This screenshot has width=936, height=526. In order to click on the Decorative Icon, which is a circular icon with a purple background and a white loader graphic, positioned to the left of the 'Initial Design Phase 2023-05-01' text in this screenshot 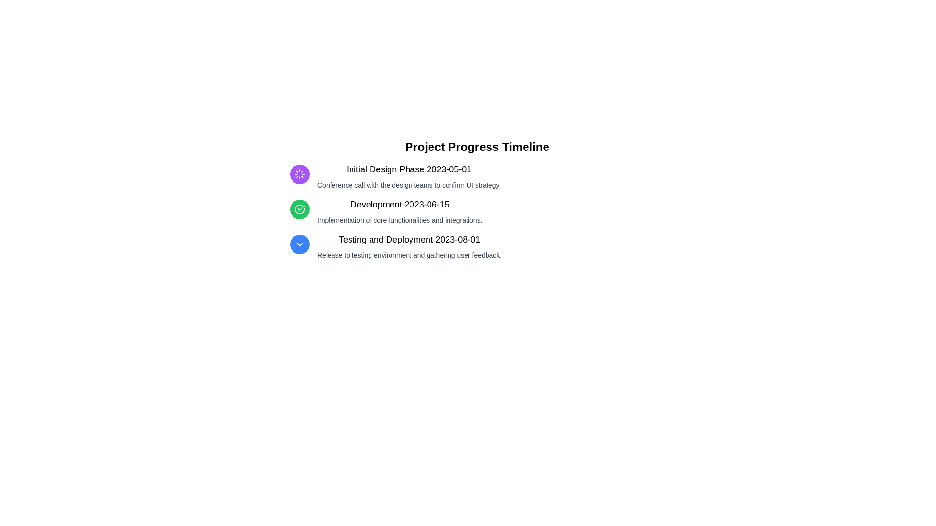, I will do `click(299, 174)`.